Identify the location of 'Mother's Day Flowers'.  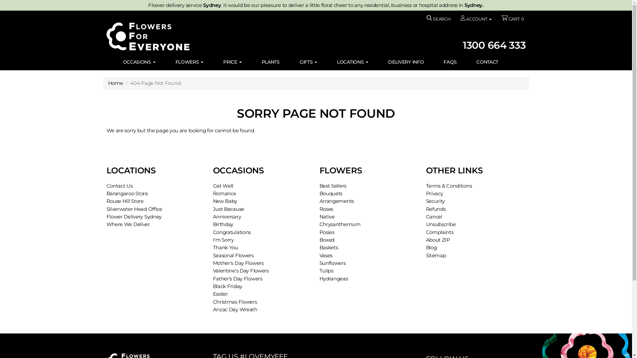
(213, 263).